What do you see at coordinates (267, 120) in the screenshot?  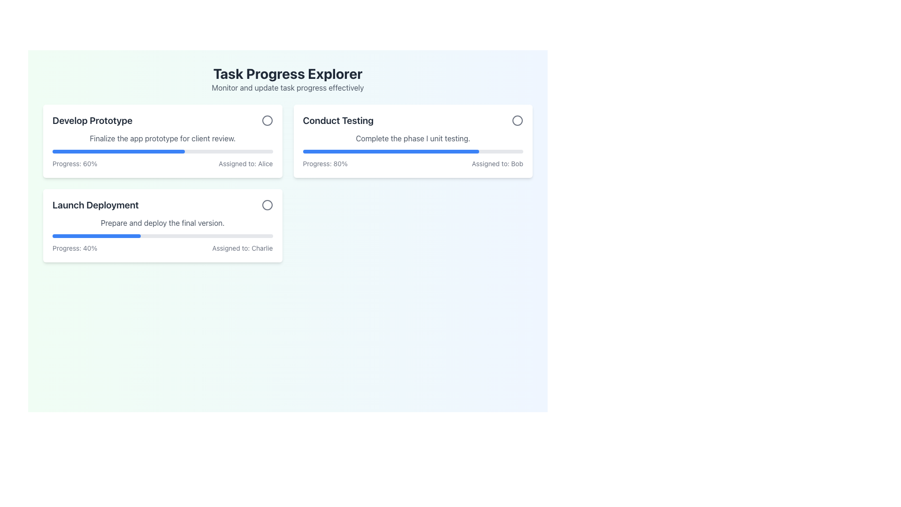 I see `the small circular icon outlined in grey and filled with a white background, located to the right of the 'Develop Prototype' section's title` at bounding box center [267, 120].